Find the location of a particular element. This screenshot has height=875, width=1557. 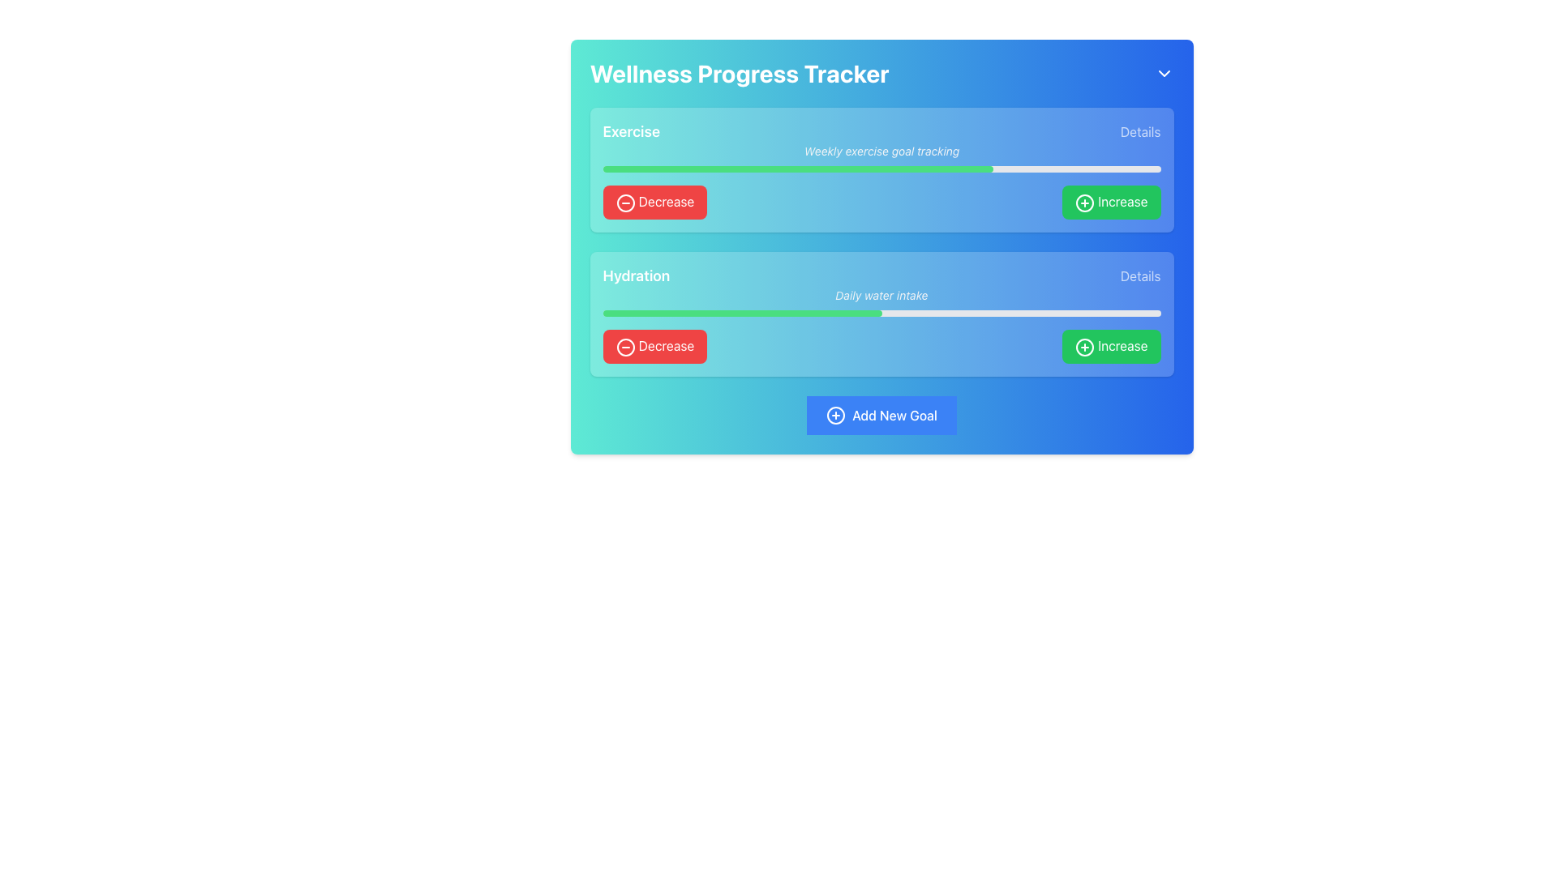

the circular outline at the center of the green 'Increase' button located in the 'Hydration' section is located at coordinates (1084, 346).